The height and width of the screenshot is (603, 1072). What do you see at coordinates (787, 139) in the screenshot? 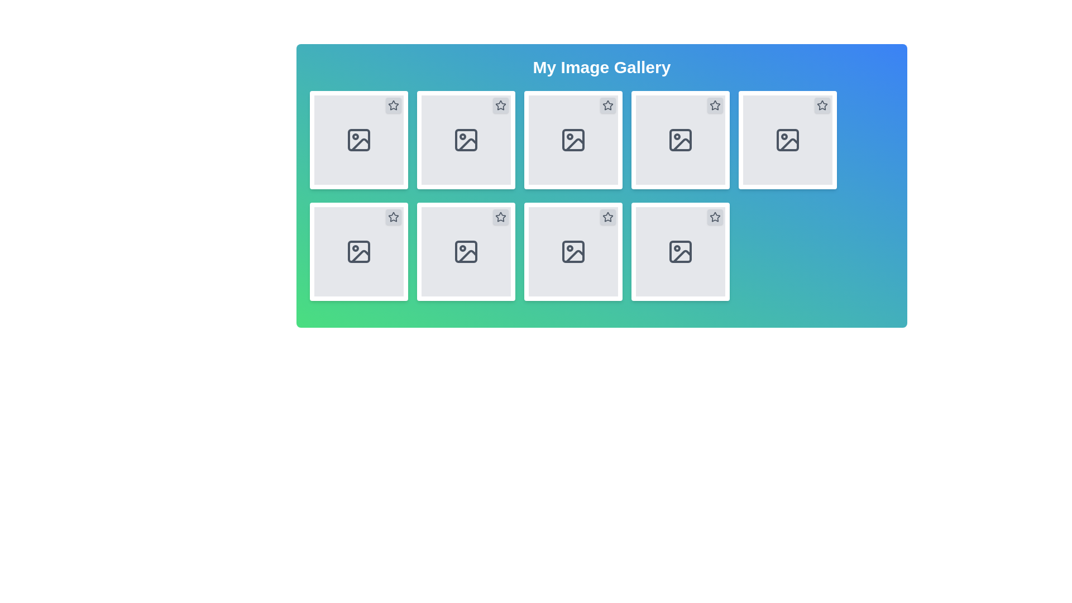
I see `the image icon displaying an image placeholder in the top right corner of 'My Image Gallery'` at bounding box center [787, 139].